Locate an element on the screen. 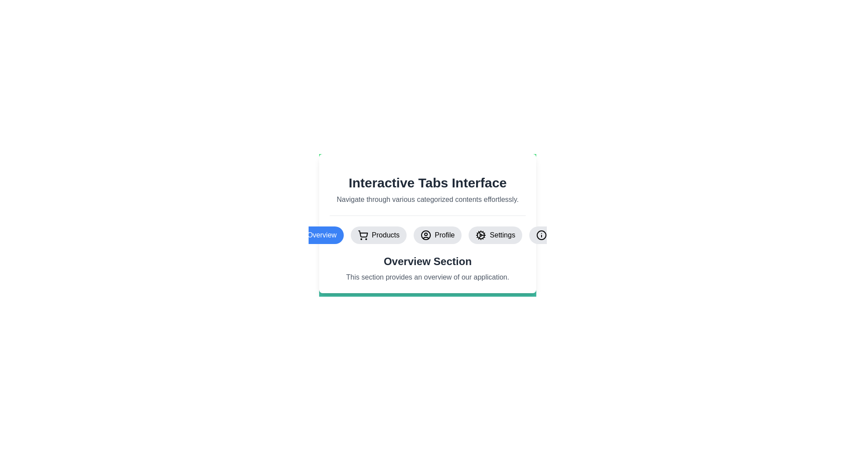  the decorative Circle SVG graphical component located on the far right of the tabbed navigation interface is located at coordinates (541, 235).